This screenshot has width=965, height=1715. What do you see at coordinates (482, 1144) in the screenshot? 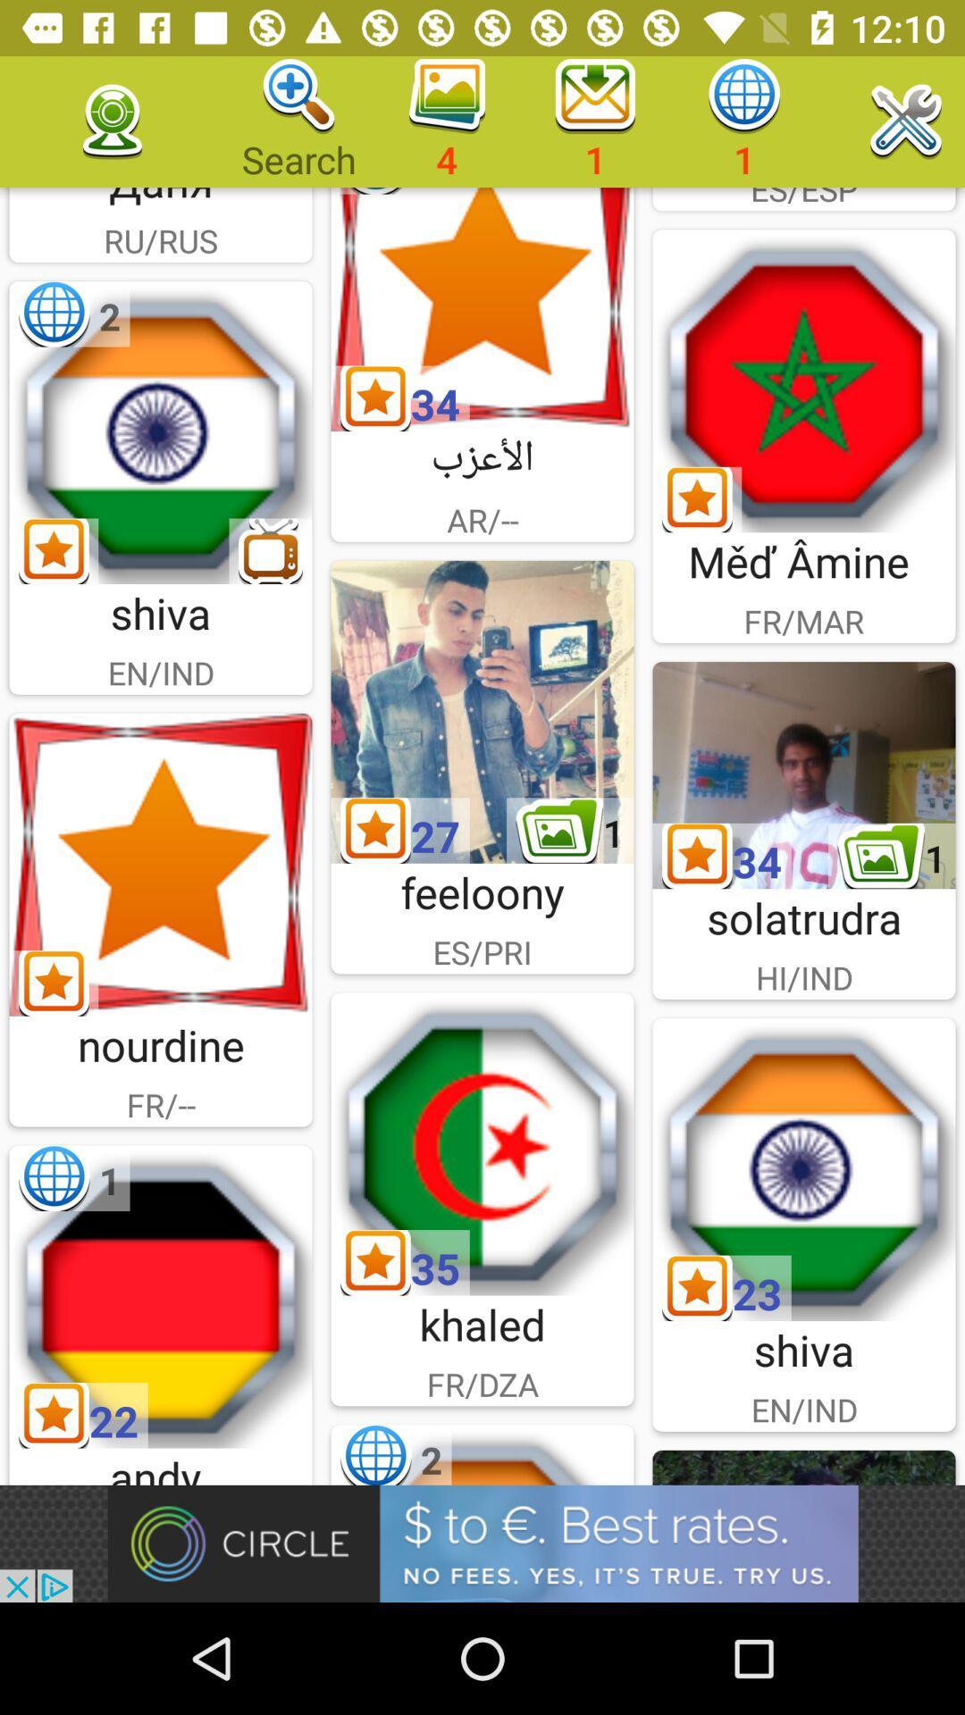
I see `user` at bounding box center [482, 1144].